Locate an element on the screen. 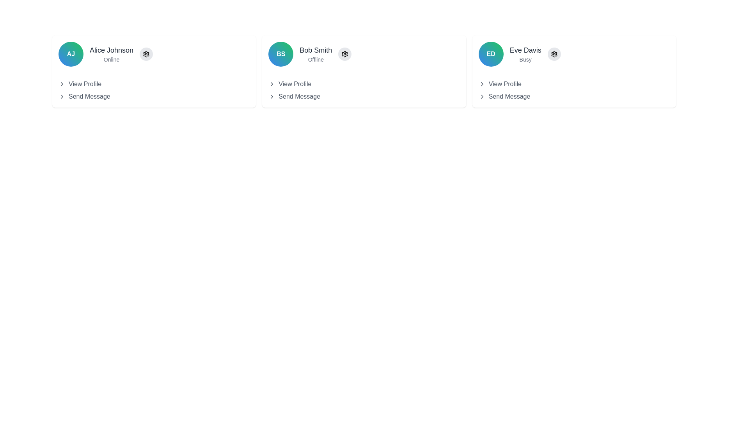  the gear-shaped settings icon located at the top-right corner of Bob Smith's profile card is located at coordinates (344, 53).